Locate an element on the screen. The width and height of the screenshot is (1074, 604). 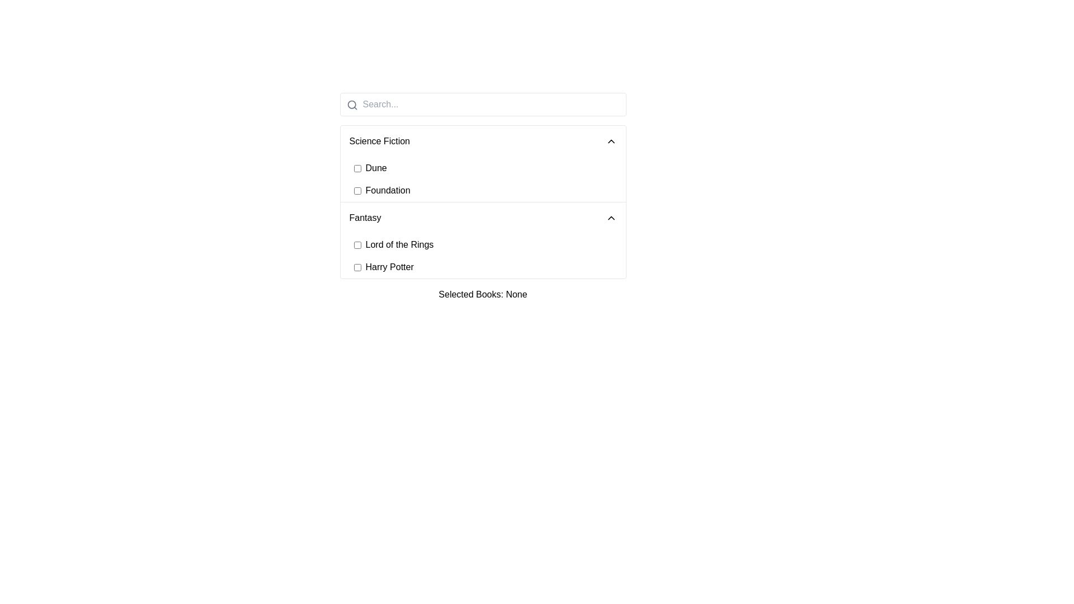
the upward-facing chevron icon located at the far-right side of the 'Fantasy' section header is located at coordinates (610, 218).